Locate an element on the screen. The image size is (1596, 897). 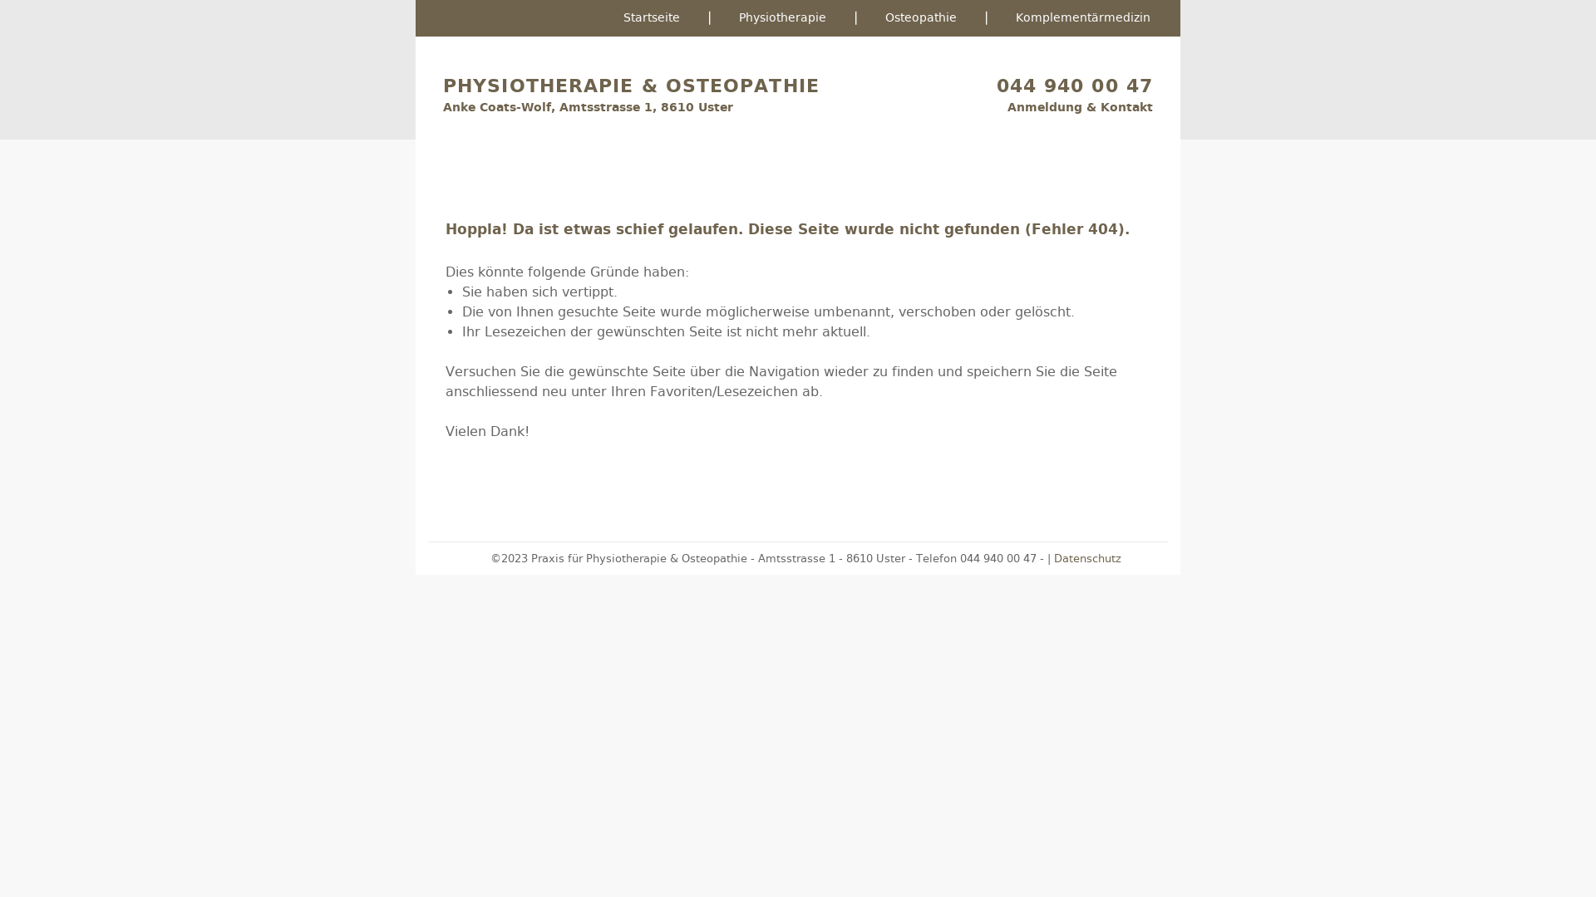
'Osteopathie' is located at coordinates (858, 18).